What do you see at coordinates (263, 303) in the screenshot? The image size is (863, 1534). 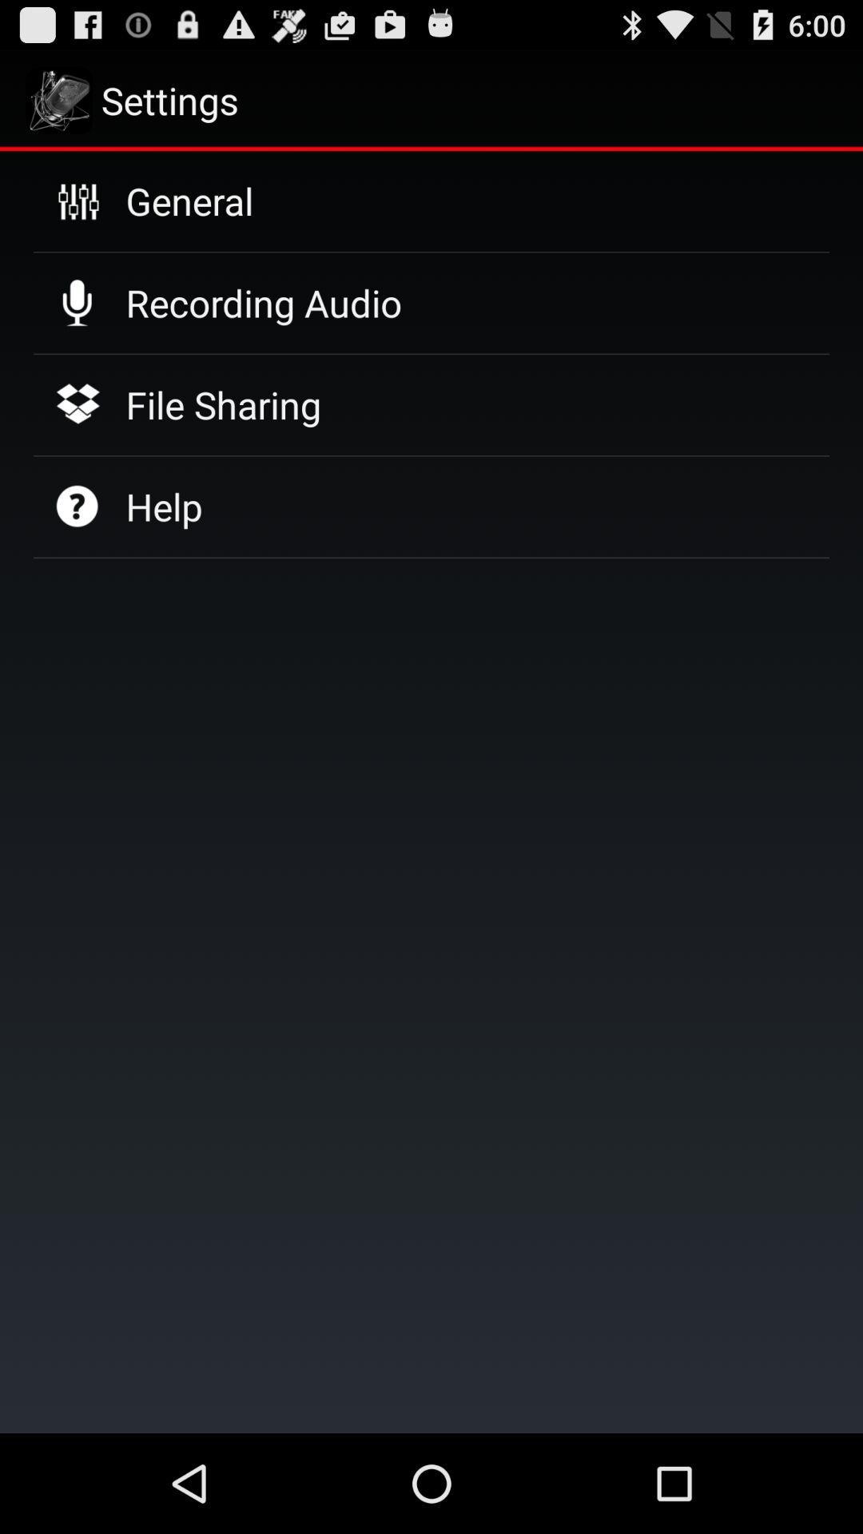 I see `icon above the file sharing` at bounding box center [263, 303].